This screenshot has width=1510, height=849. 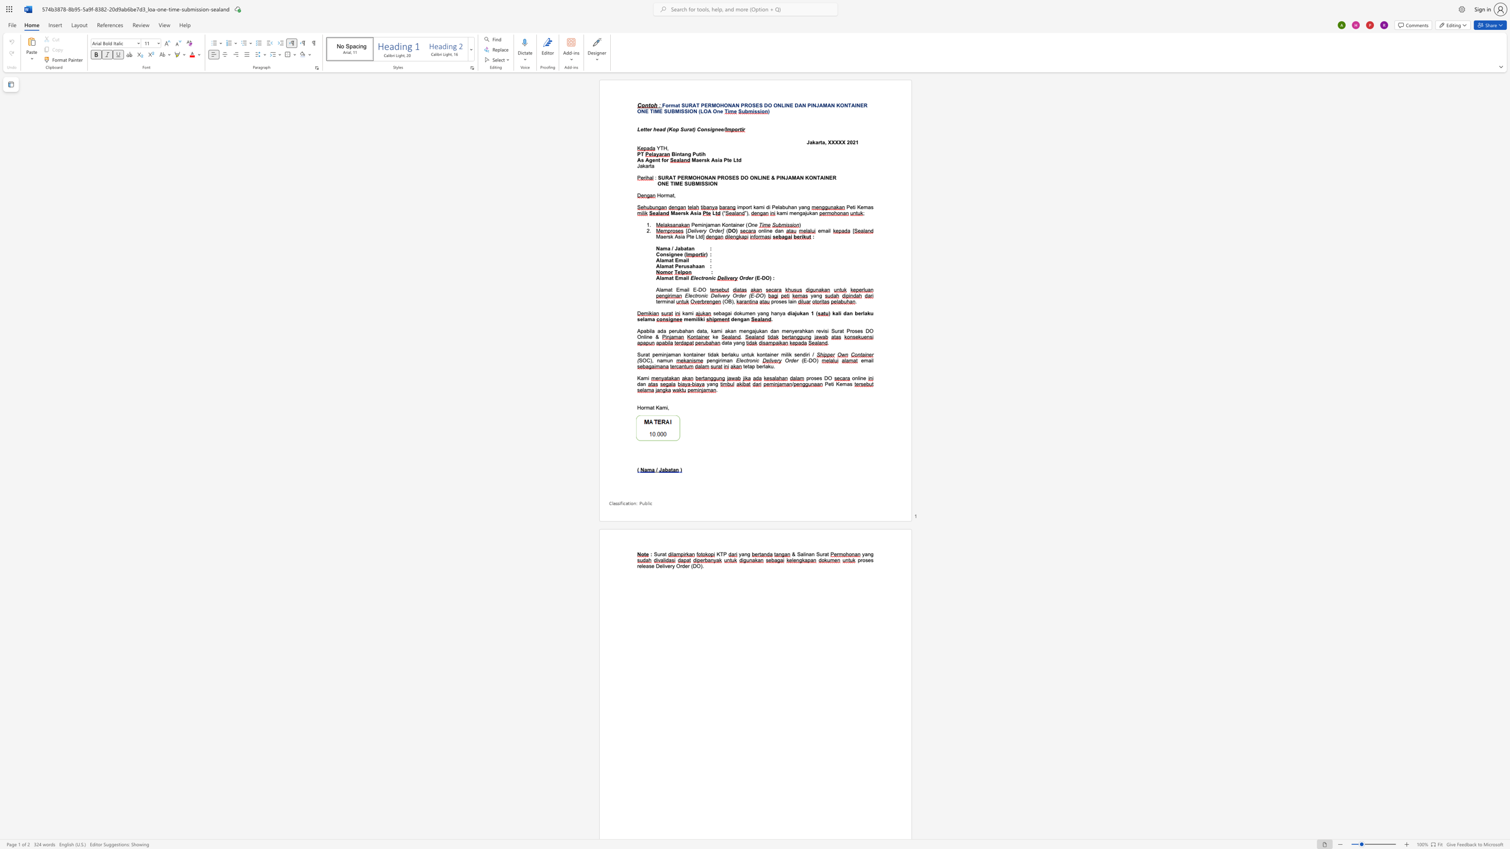 What do you see at coordinates (819, 377) in the screenshot?
I see `the subset text "s D" within the text "proses DO"` at bounding box center [819, 377].